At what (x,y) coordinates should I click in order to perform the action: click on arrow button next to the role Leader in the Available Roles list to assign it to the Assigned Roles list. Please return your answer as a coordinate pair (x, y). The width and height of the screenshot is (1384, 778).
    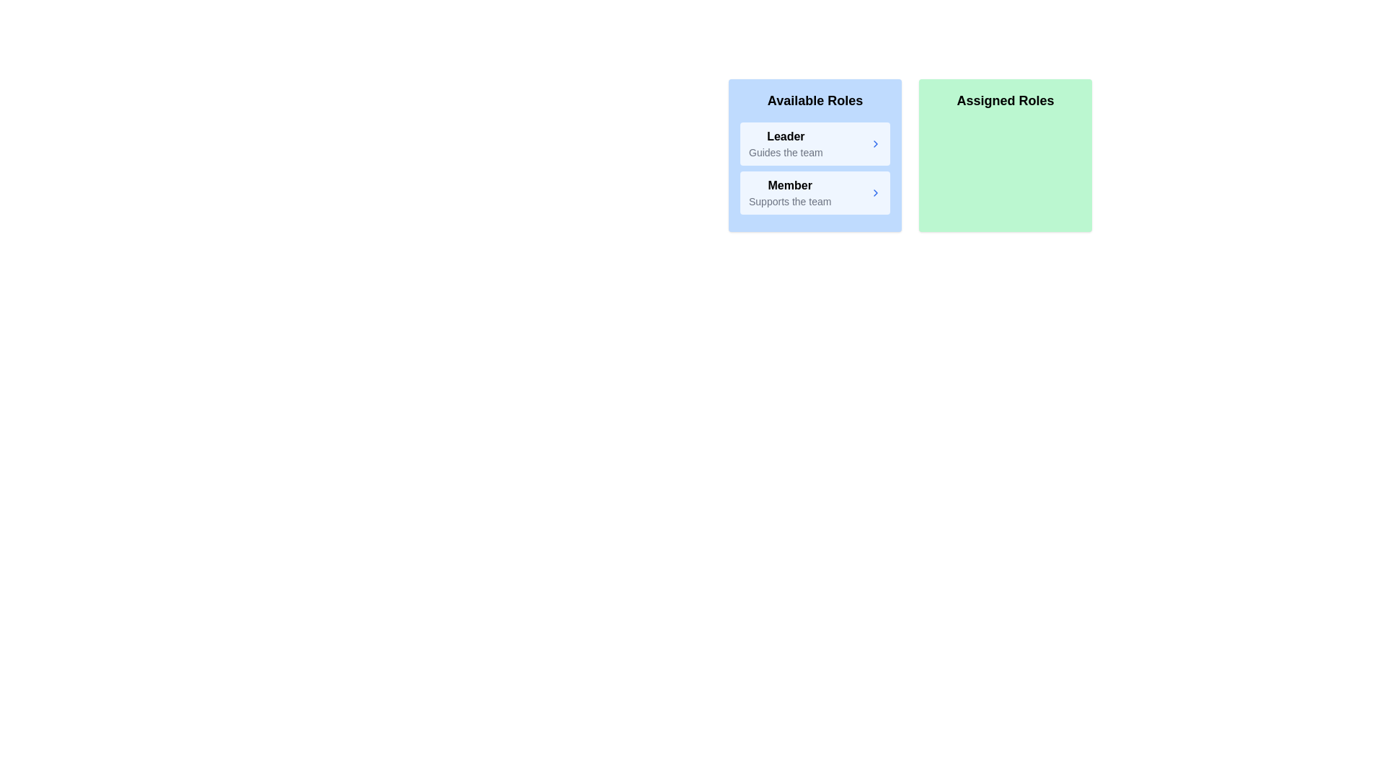
    Looking at the image, I should click on (874, 144).